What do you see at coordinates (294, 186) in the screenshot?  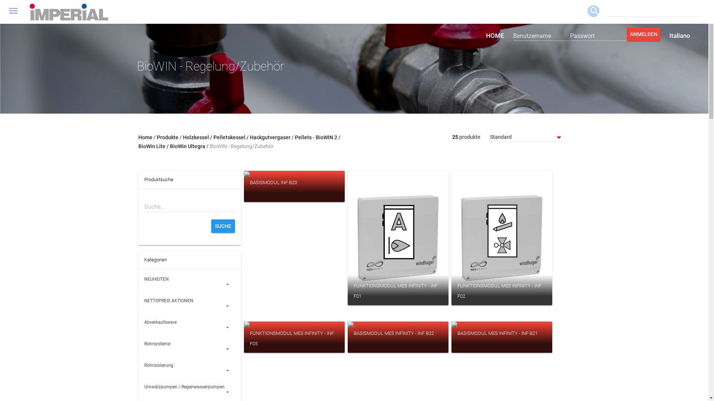 I see `'BASISMODUL INF B20'` at bounding box center [294, 186].